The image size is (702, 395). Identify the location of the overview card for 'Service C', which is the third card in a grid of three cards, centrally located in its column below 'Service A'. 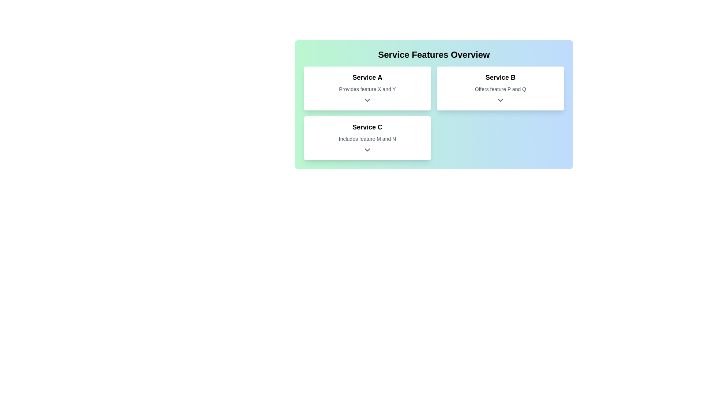
(367, 138).